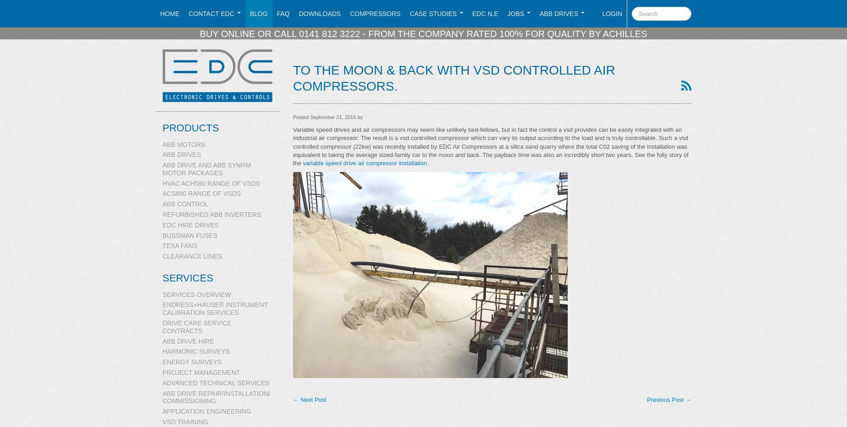 The width and height of the screenshot is (847, 427). What do you see at coordinates (190, 225) in the screenshot?
I see `'EDC Hire Drives'` at bounding box center [190, 225].